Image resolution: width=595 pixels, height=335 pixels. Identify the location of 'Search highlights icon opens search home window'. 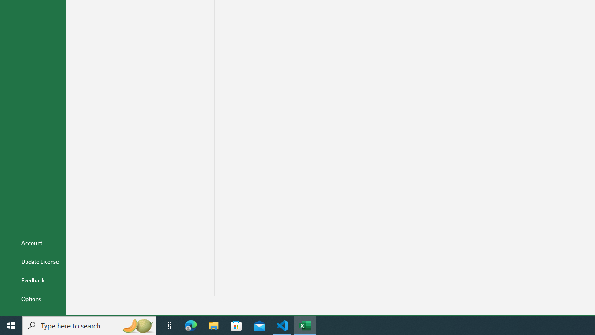
(137, 325).